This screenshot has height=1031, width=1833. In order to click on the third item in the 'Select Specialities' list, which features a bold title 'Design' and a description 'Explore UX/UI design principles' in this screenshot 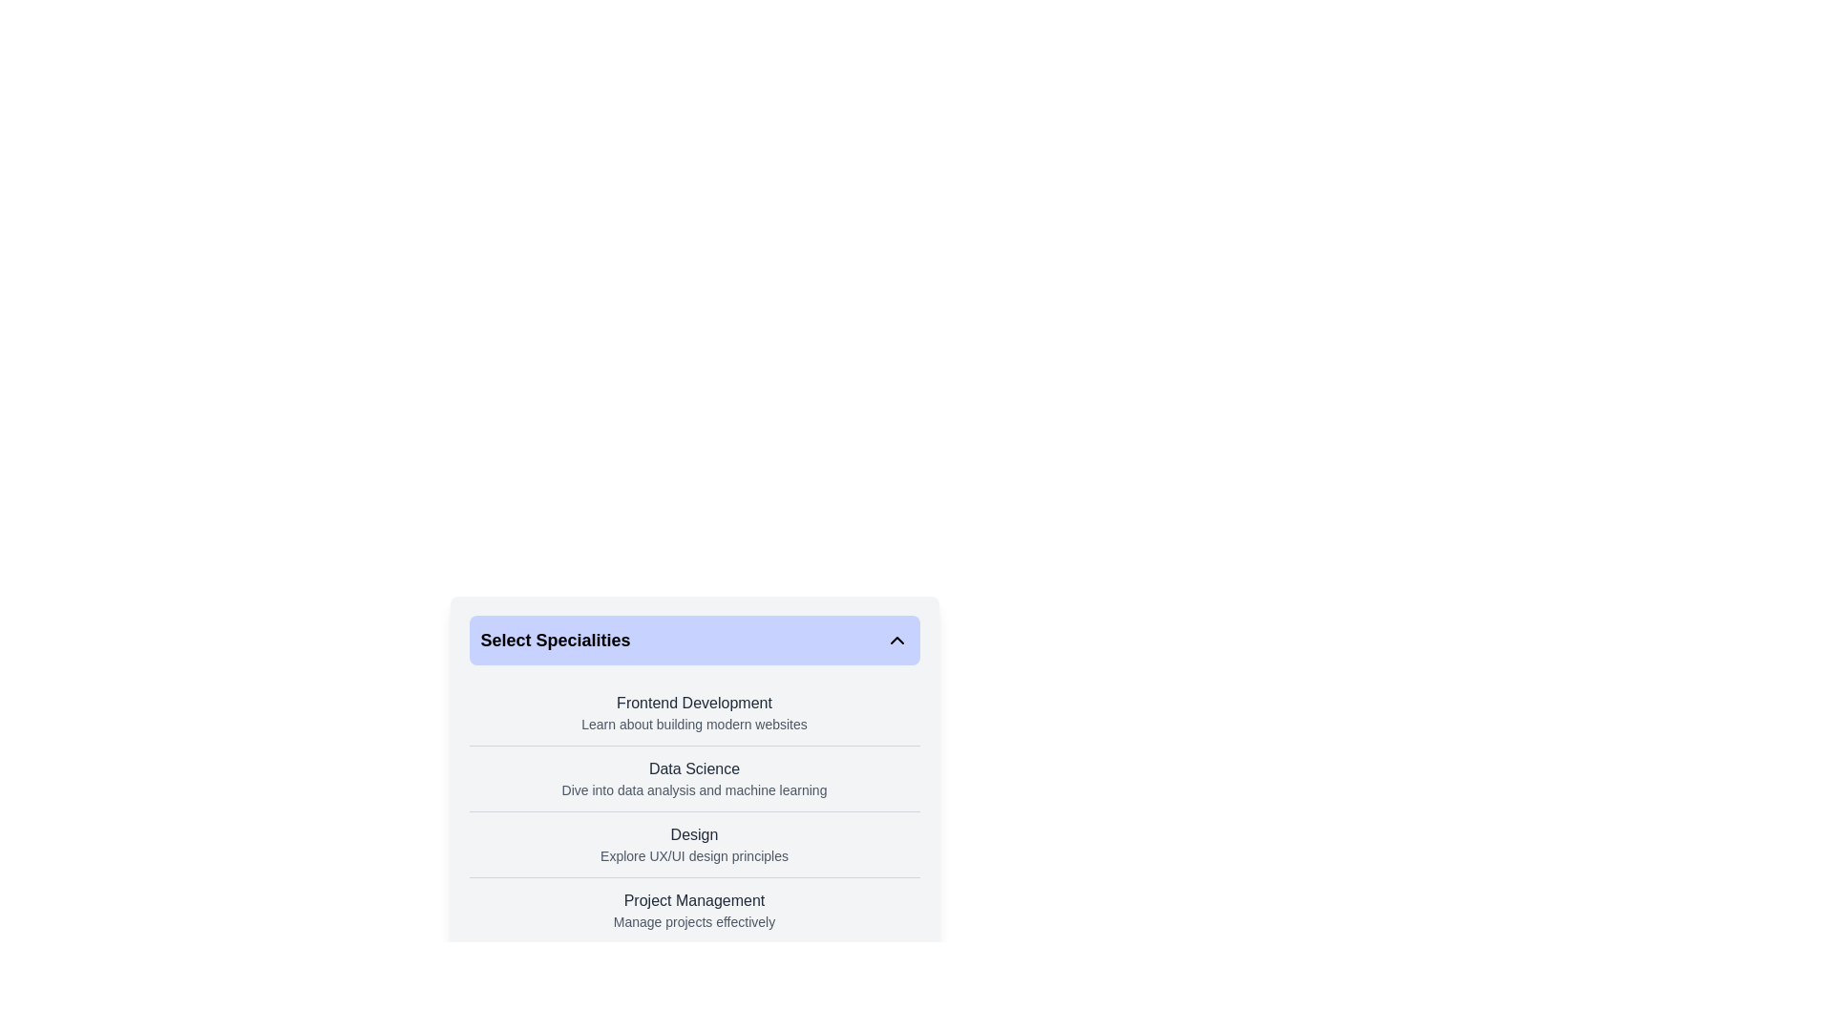, I will do `click(693, 843)`.